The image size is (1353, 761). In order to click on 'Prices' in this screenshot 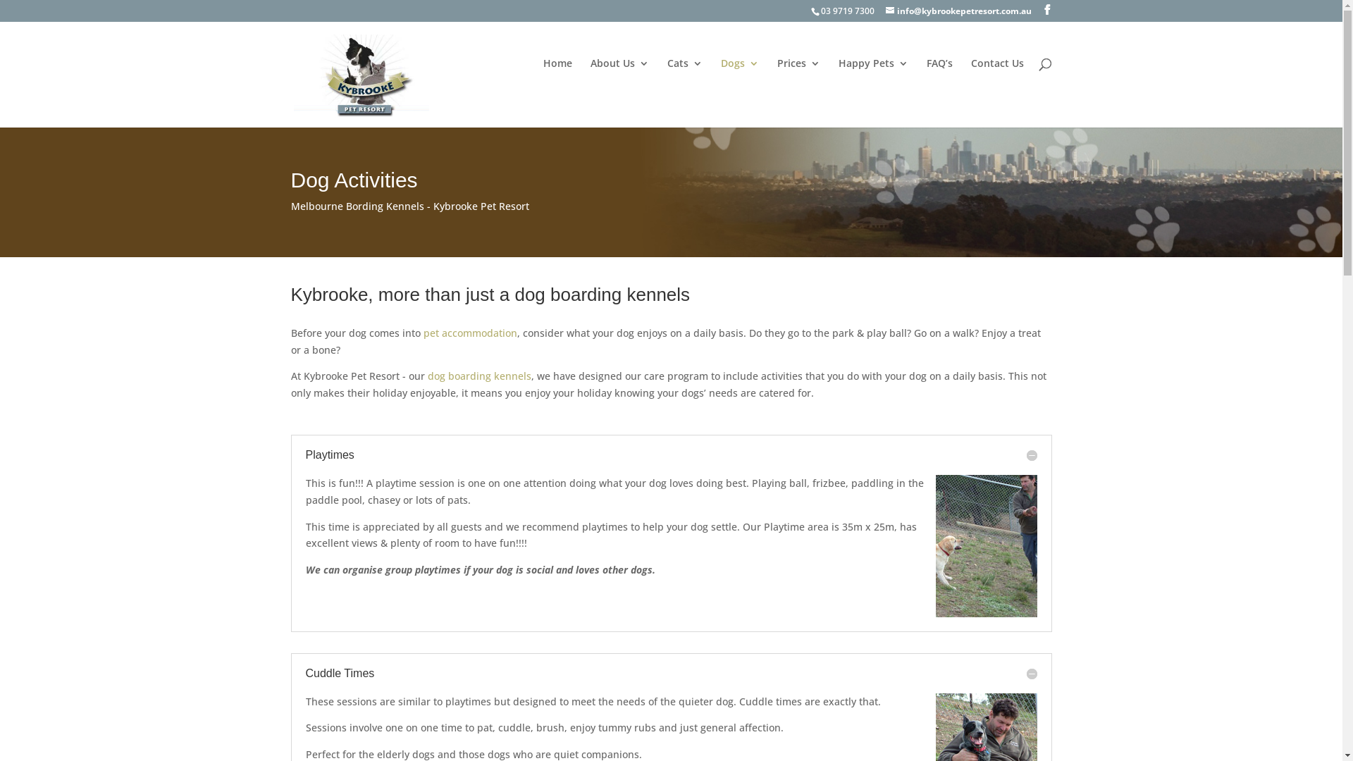, I will do `click(798, 81)`.